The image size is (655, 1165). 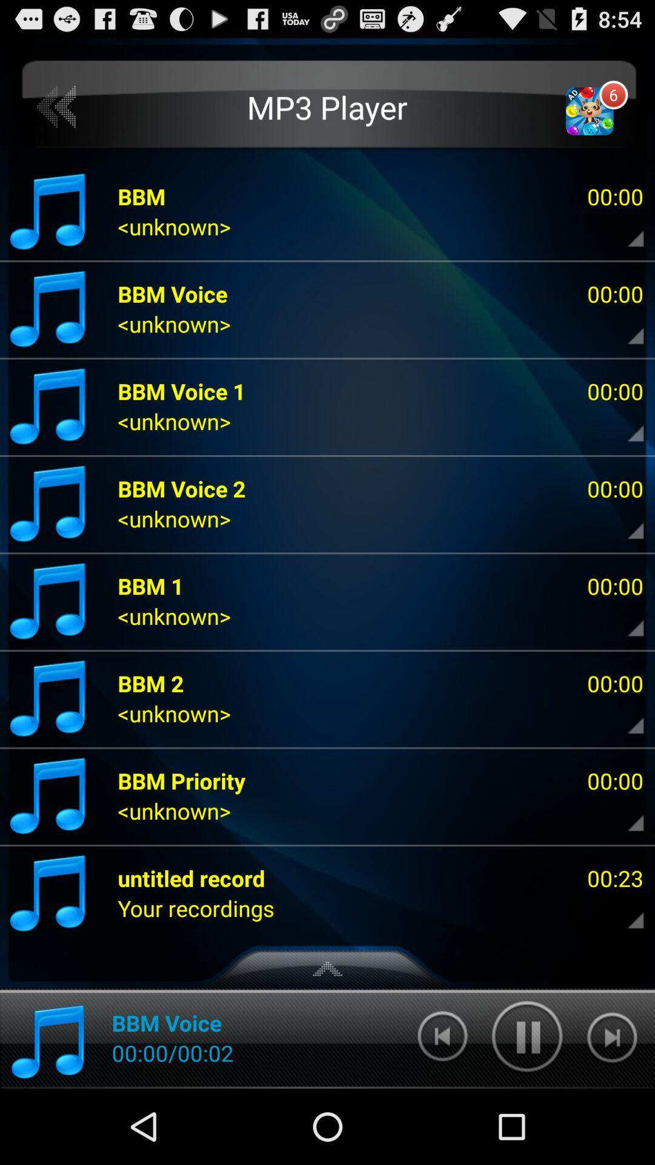 What do you see at coordinates (625, 425) in the screenshot?
I see `pick the song` at bounding box center [625, 425].